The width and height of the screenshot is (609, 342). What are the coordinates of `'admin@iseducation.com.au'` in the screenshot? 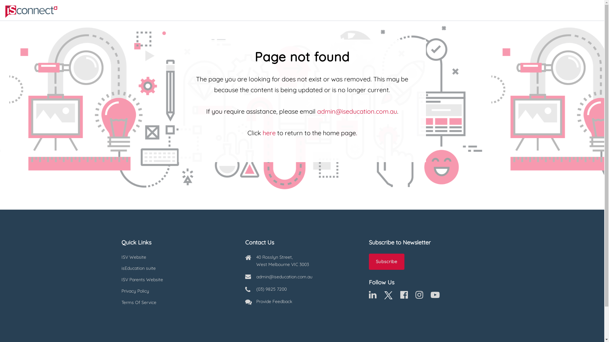 It's located at (256, 276).